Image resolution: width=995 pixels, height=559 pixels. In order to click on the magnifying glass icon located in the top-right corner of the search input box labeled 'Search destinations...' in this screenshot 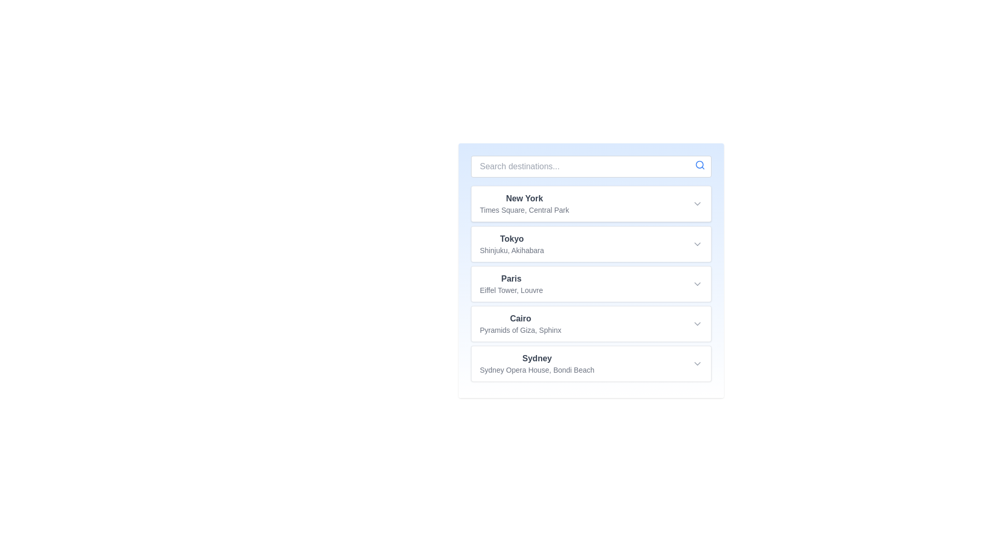, I will do `click(700, 165)`.